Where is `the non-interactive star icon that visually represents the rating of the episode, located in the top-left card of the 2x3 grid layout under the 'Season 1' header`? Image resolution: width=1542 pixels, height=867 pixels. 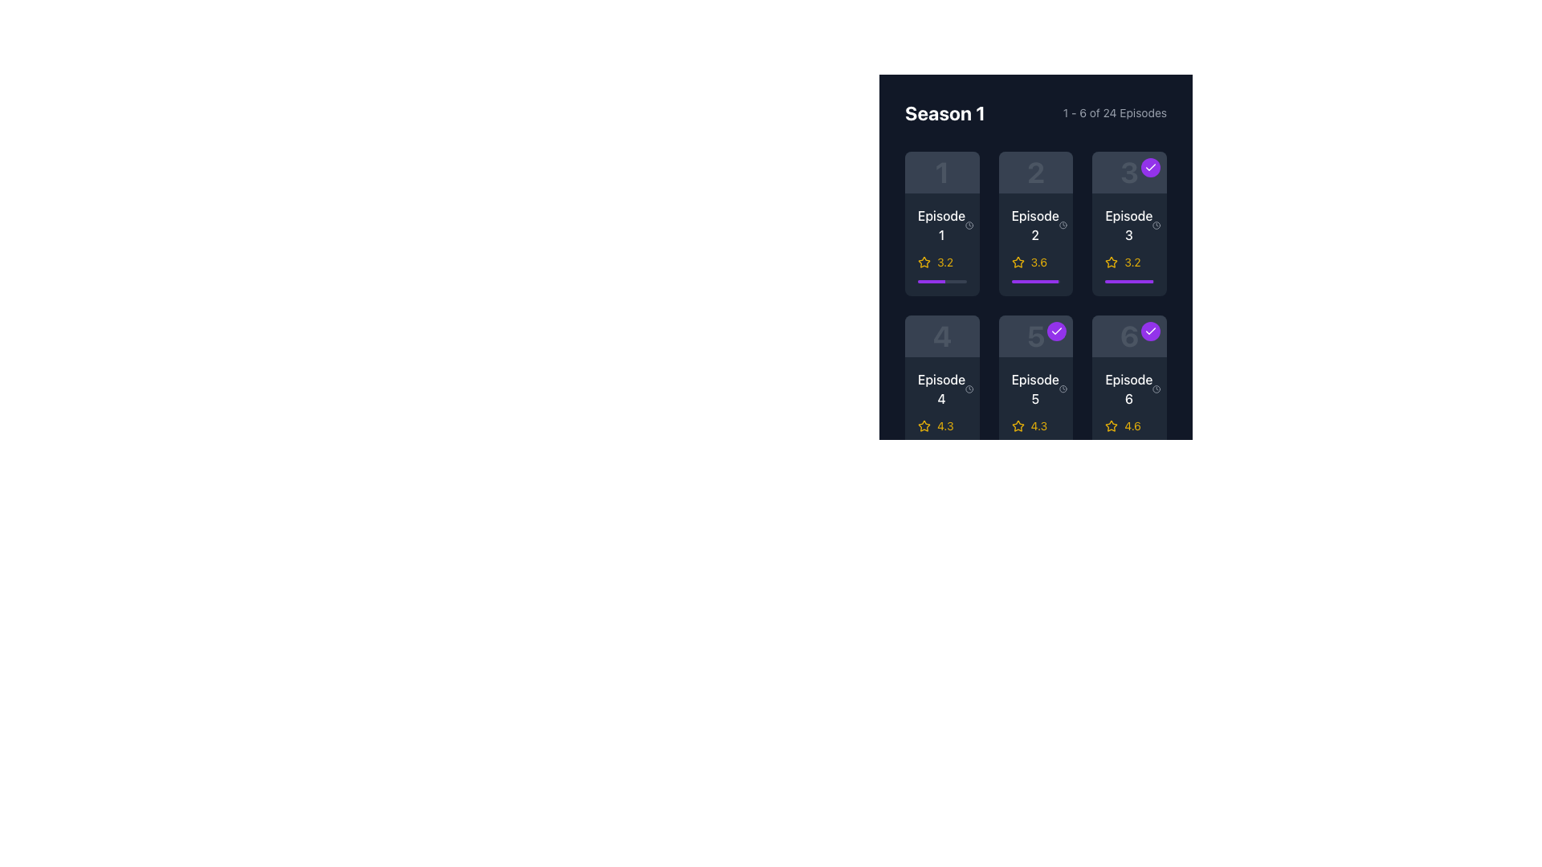 the non-interactive star icon that visually represents the rating of the episode, located in the top-left card of the 2x3 grid layout under the 'Season 1' header is located at coordinates (924, 262).